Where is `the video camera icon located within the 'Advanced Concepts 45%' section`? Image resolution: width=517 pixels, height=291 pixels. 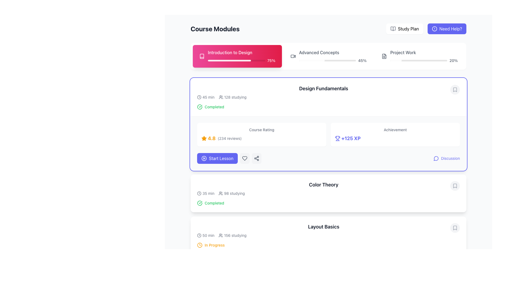 the video camera icon located within the 'Advanced Concepts 45%' section is located at coordinates (293, 56).